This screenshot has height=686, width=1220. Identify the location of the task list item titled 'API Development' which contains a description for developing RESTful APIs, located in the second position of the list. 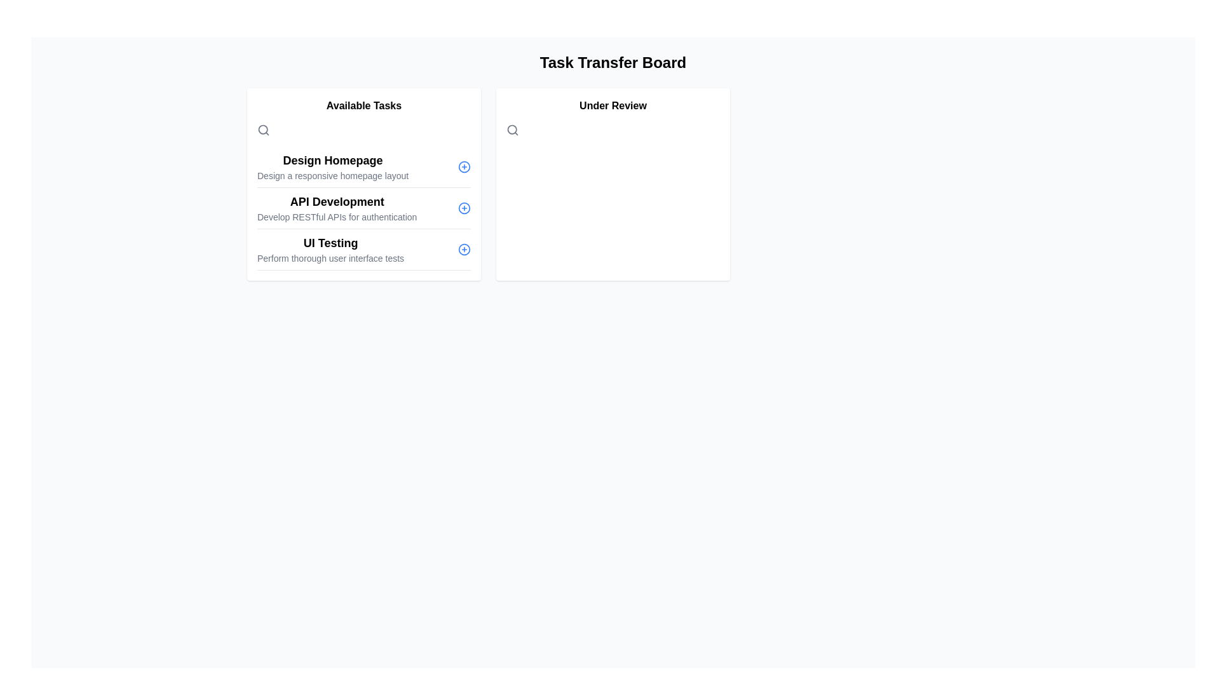
(363, 208).